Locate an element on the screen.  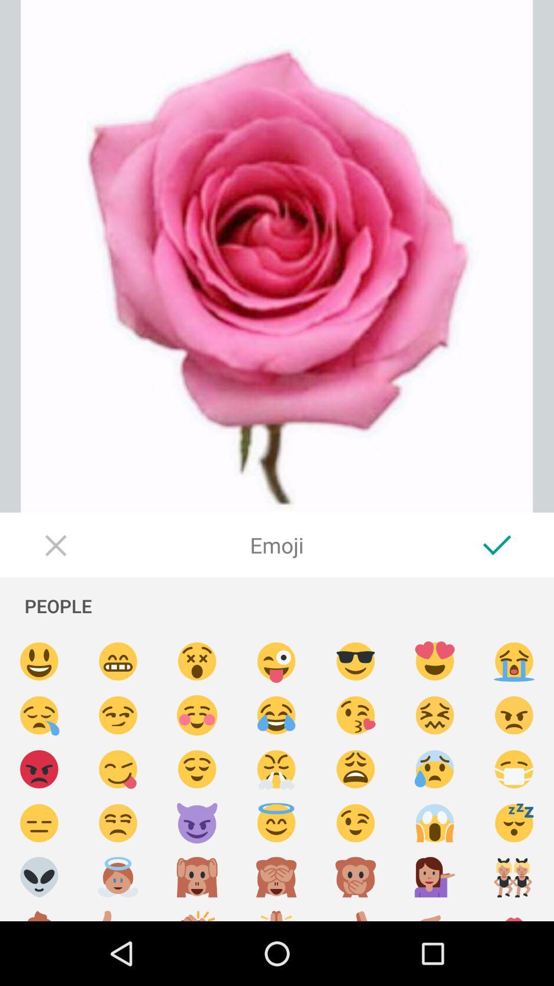
the check icon is located at coordinates (497, 544).